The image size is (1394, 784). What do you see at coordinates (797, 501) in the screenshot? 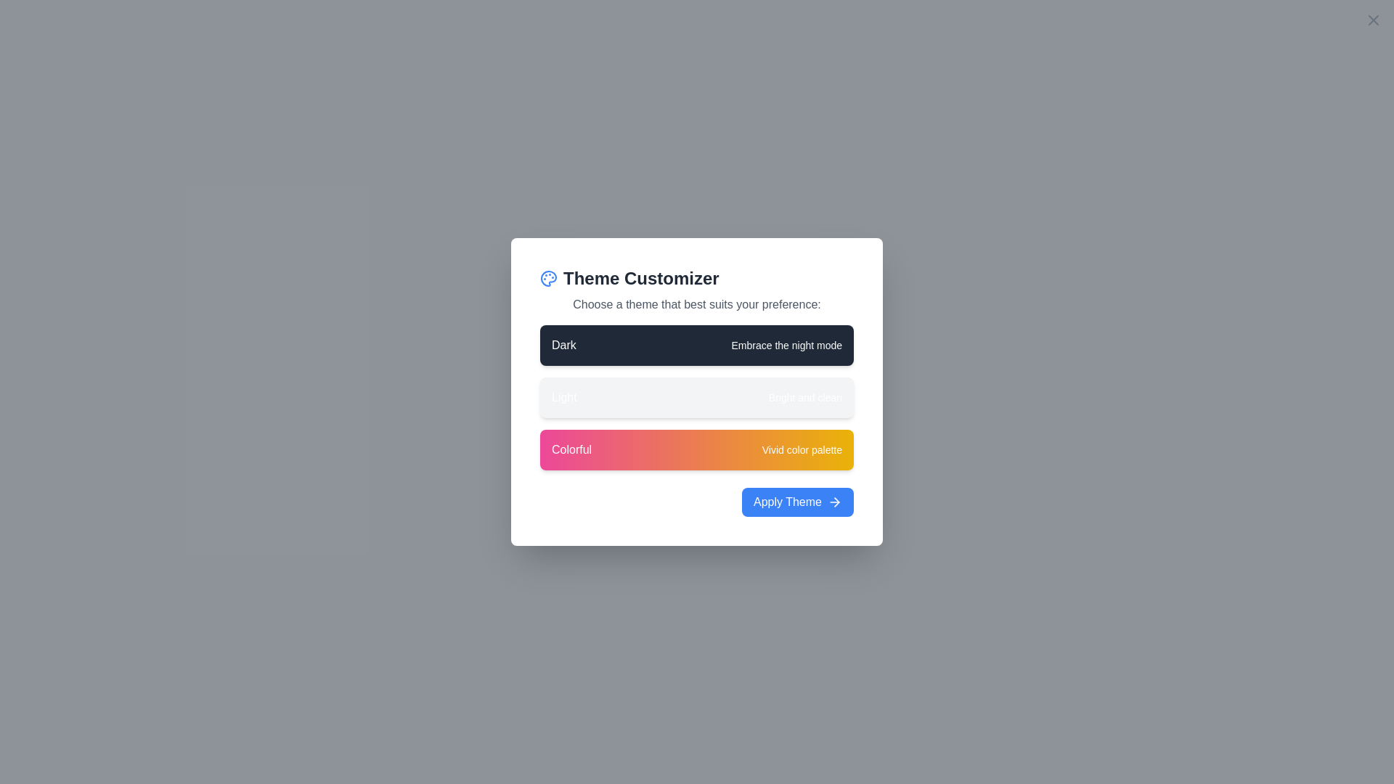
I see `the 'Apply Theme' button with rounded corners, displaying a right arrow icon, located at the bottom-right corner of the 'Theme Customizer' modal` at bounding box center [797, 501].